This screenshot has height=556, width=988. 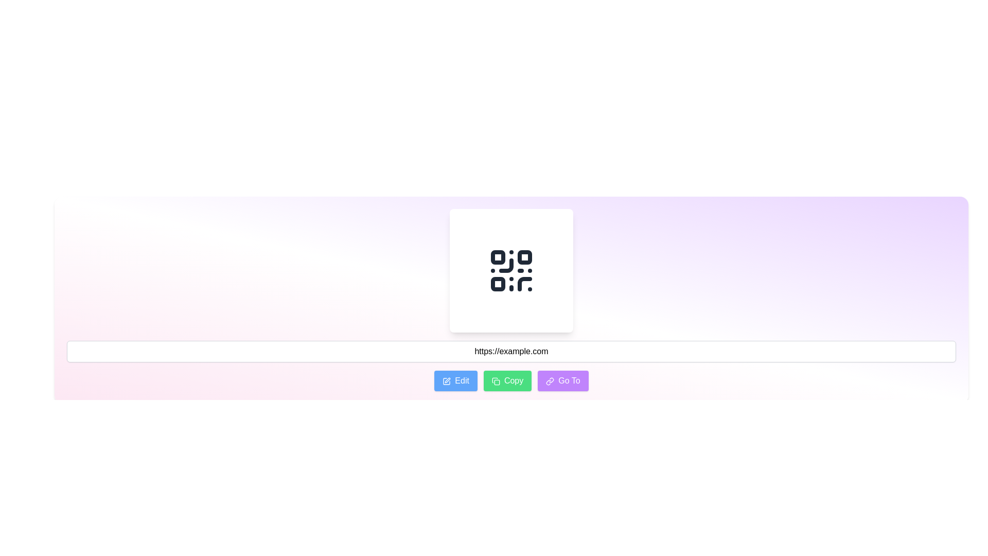 What do you see at coordinates (498, 257) in the screenshot?
I see `the small rounded black rectangle located in the top-left corner of the QR code structure` at bounding box center [498, 257].